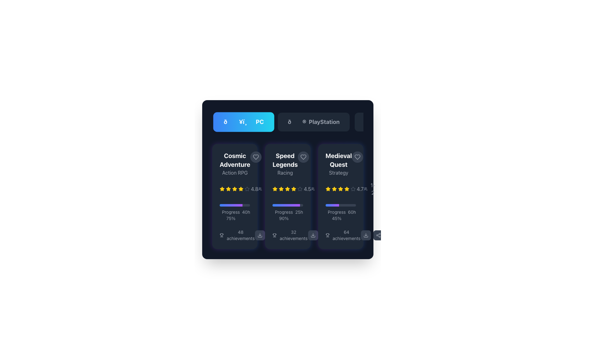 The width and height of the screenshot is (600, 338). Describe the element at coordinates (247, 189) in the screenshot. I see `the last star icon in the rating system, which represents an inactive or unrated state associated with a rating value of 4.8` at that location.